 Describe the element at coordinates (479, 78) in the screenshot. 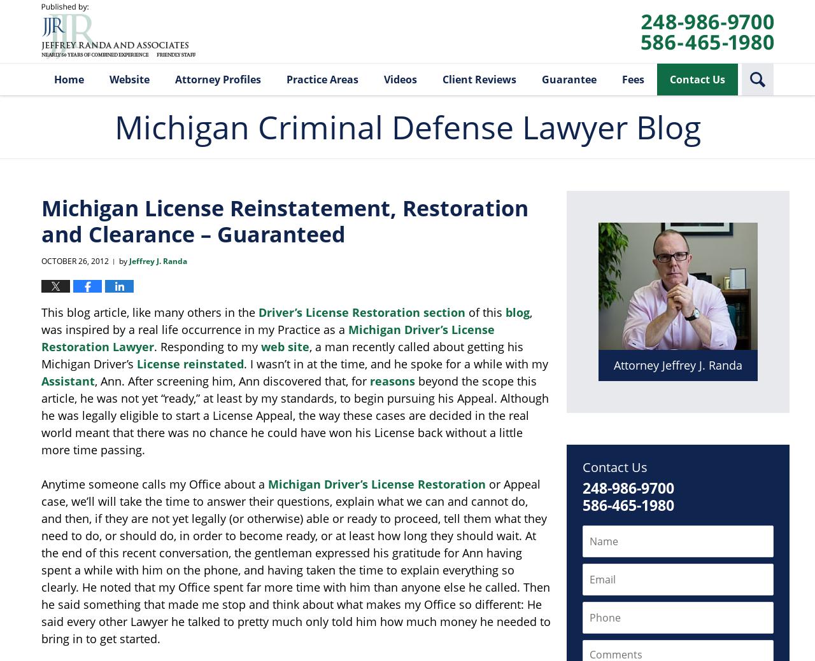

I see `'Client Reviews'` at that location.